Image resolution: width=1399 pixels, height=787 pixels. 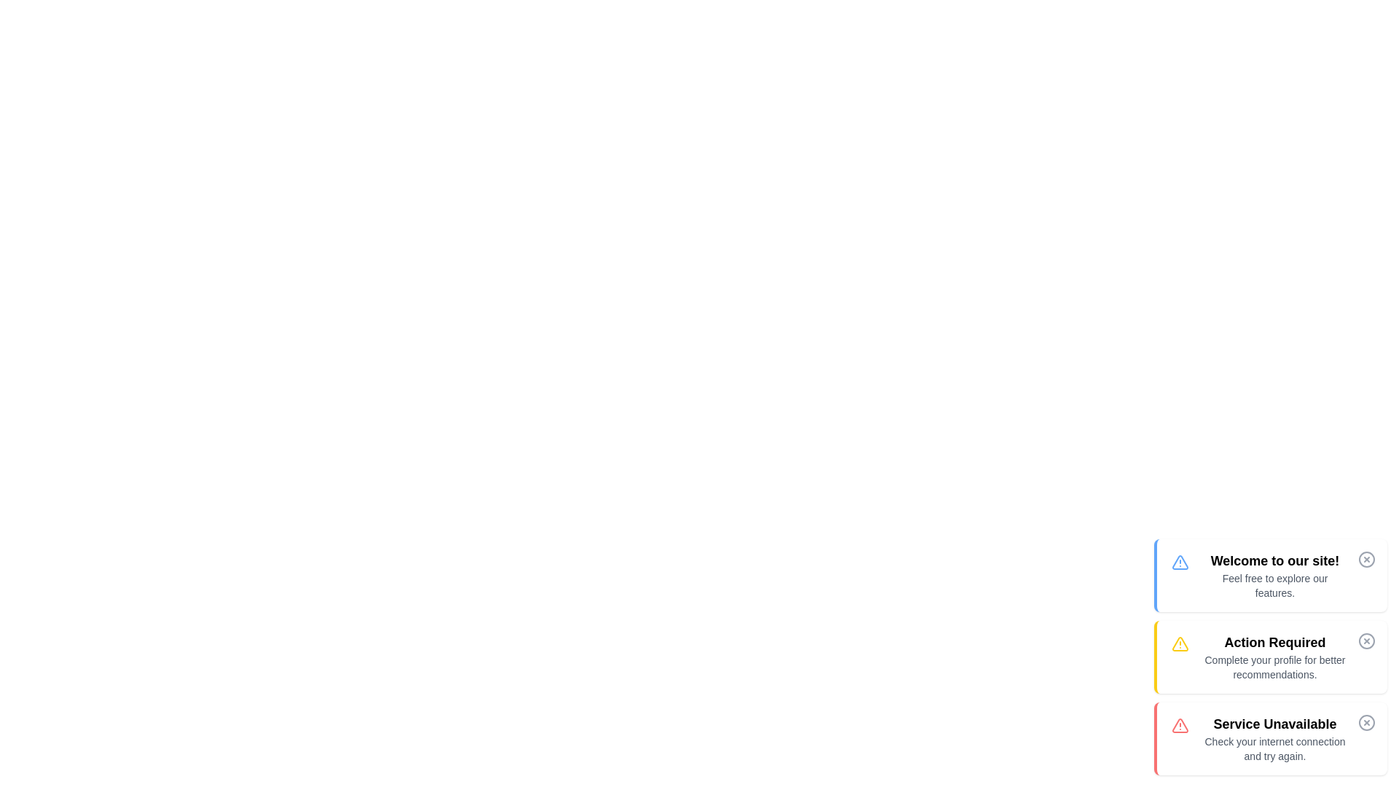 What do you see at coordinates (1180, 561) in the screenshot?
I see `the triangular icon with a blue exclamation mark, located above the text 'Welcome to our site!' in the white notification card, to interact with it` at bounding box center [1180, 561].